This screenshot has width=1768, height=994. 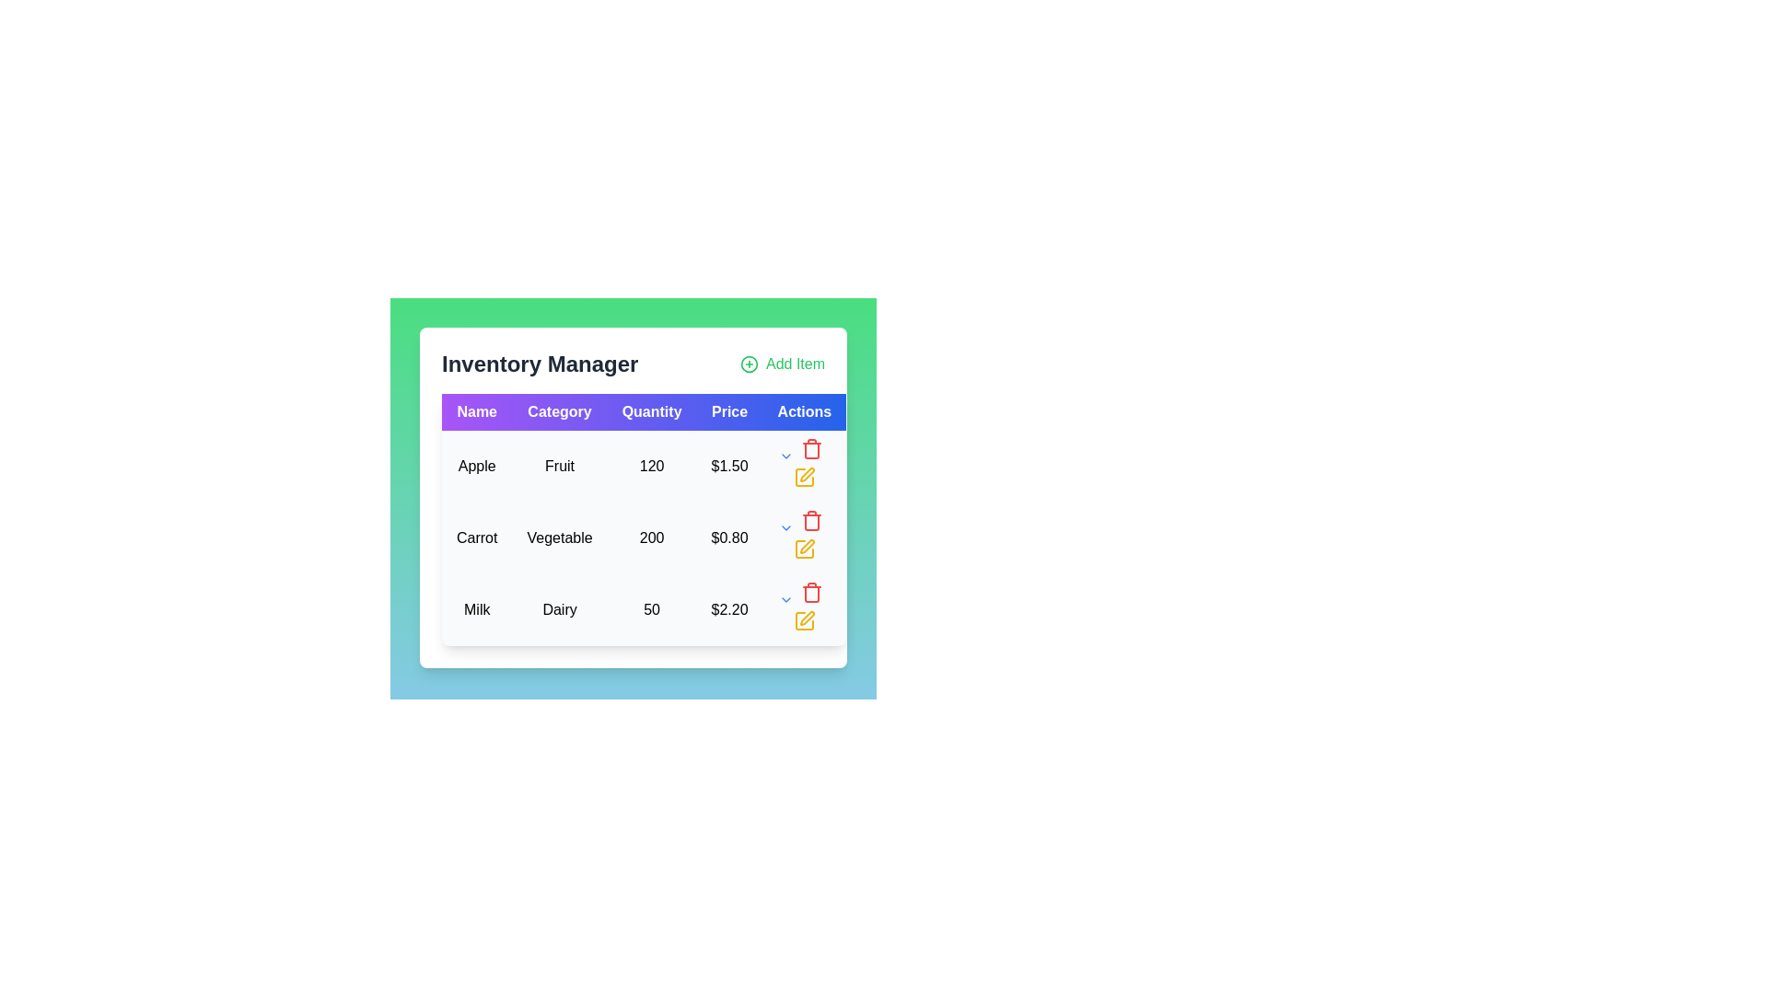 I want to click on the inventory items table modal, which is centered within a green gradient background, so click(x=633, y=486).